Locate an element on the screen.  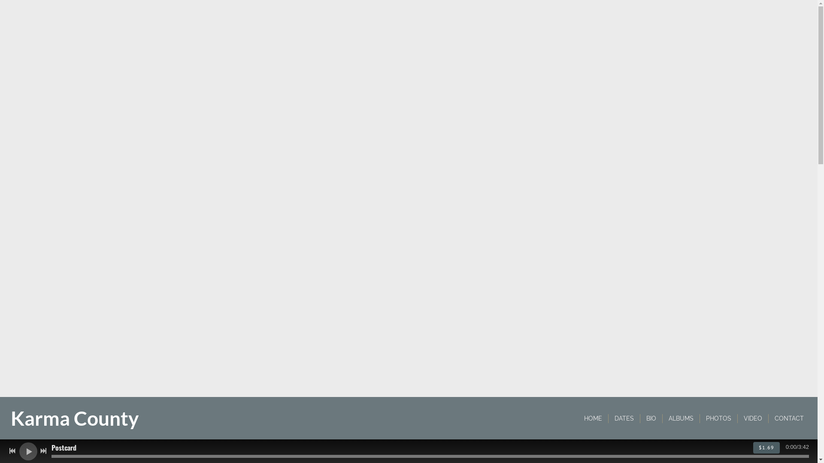
'ALBUMS' is located at coordinates (681, 418).